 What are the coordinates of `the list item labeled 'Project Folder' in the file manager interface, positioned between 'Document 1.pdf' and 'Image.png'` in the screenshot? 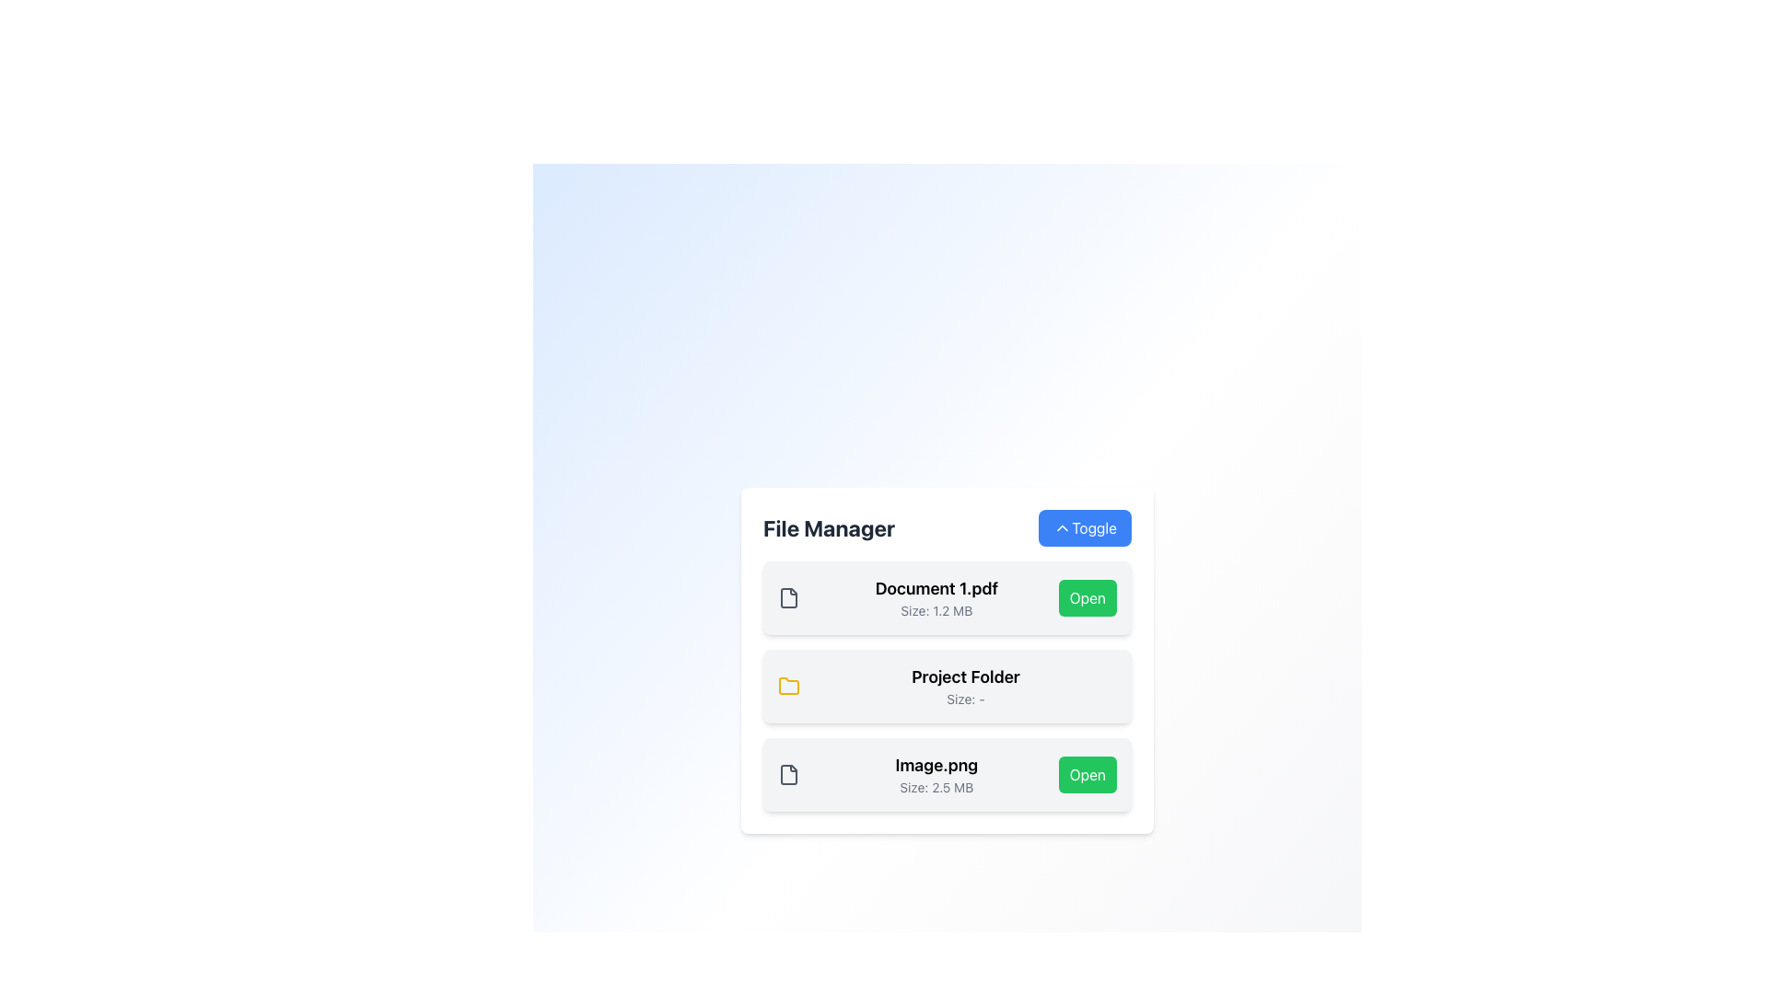 It's located at (947, 686).